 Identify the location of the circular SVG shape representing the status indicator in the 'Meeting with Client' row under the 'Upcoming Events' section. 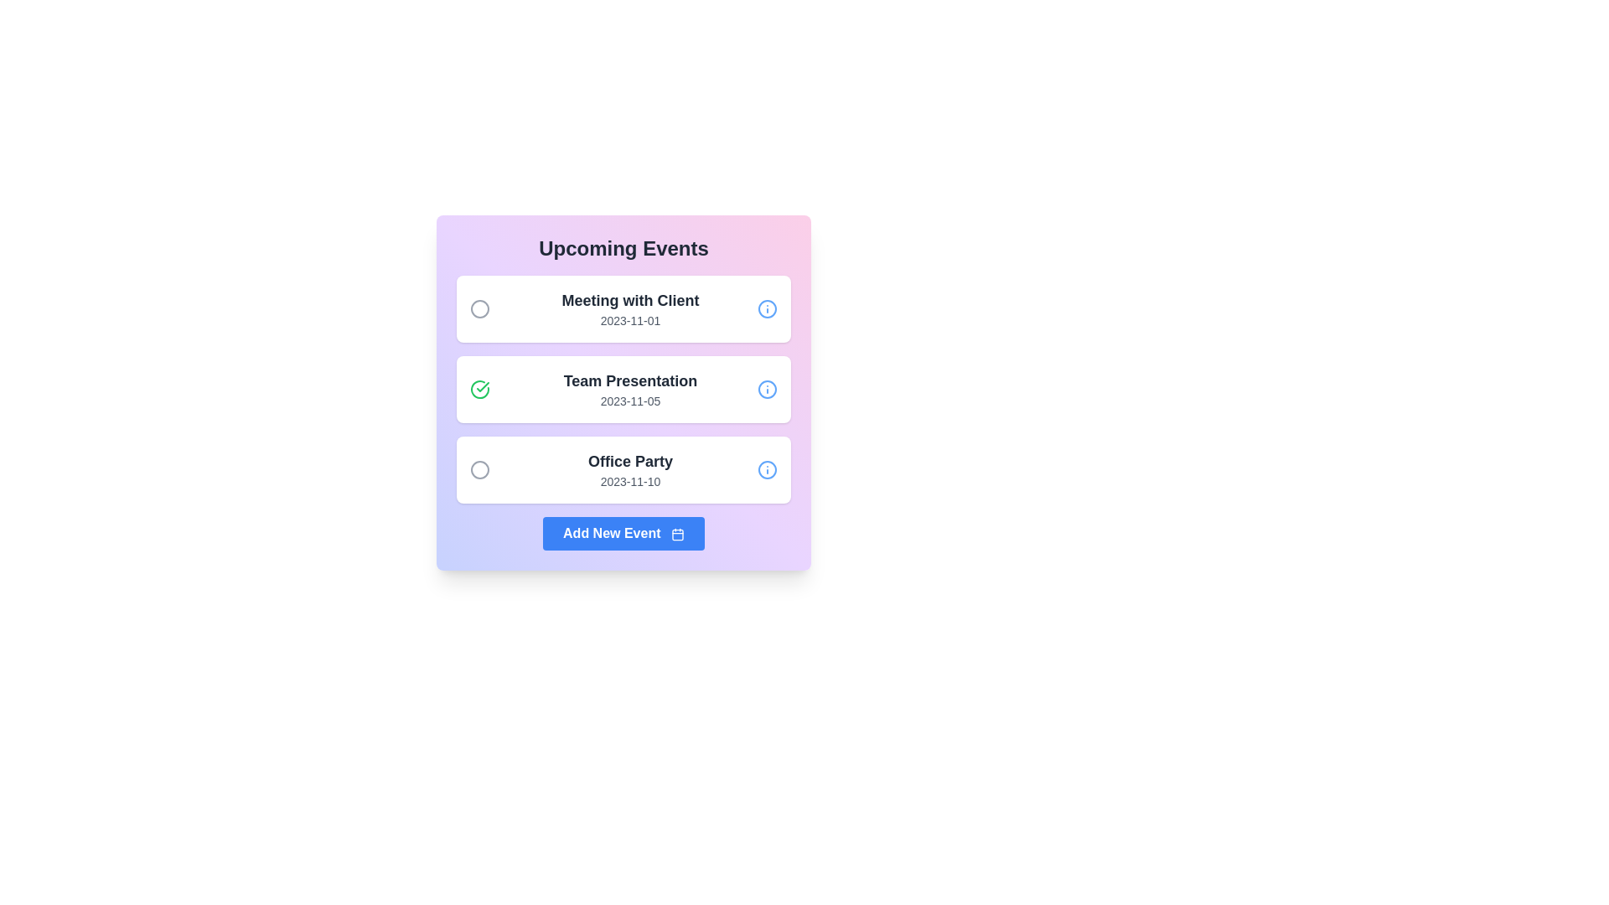
(479, 309).